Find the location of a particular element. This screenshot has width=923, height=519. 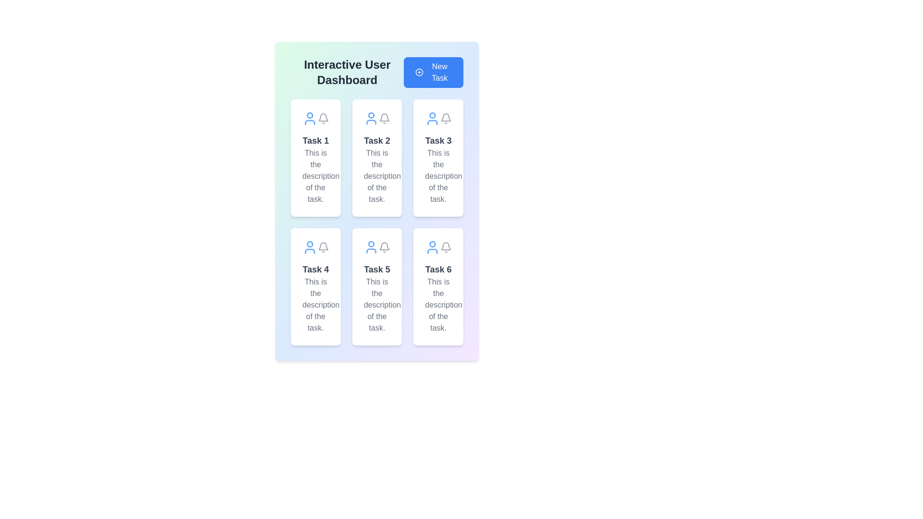

the user silhouette icon outlined in blue, which is positioned on the left side of the task card for Task 4 is located at coordinates (310, 247).